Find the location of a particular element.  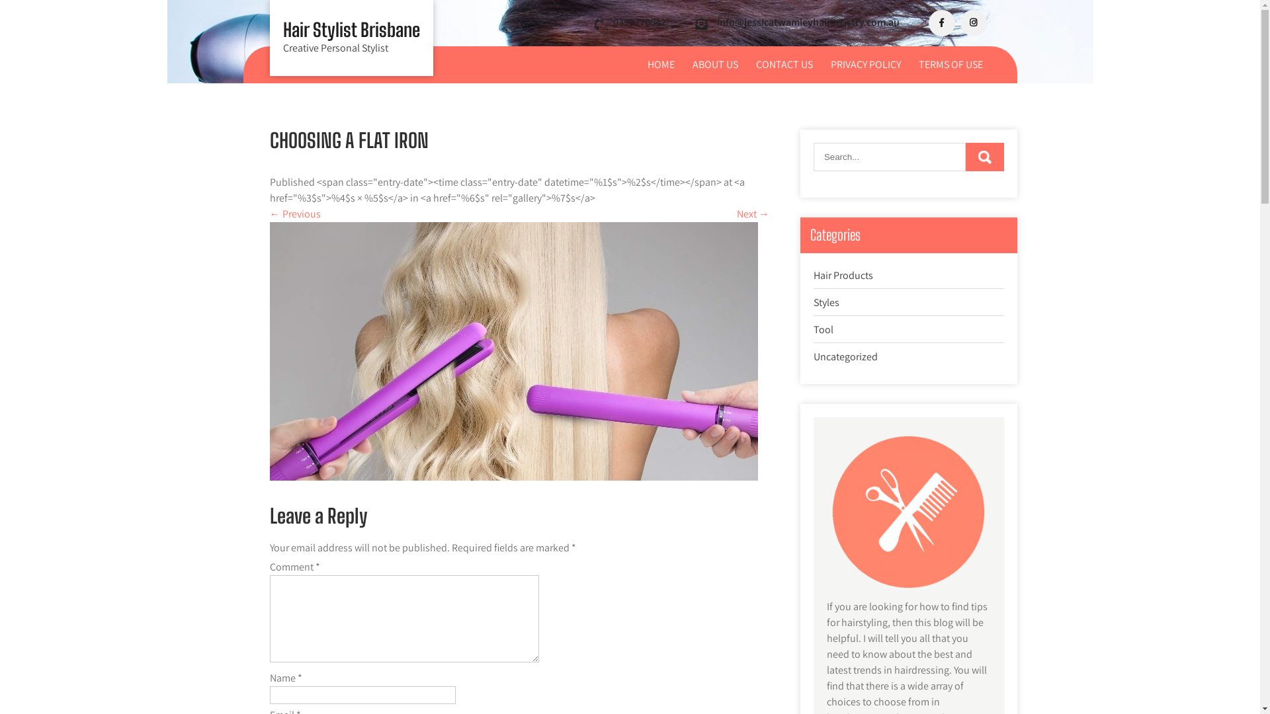

'Search' is located at coordinates (984, 156).